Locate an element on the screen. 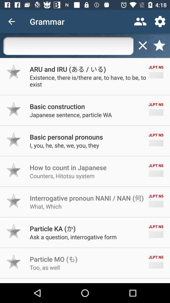  the star icon is located at coordinates (159, 45).